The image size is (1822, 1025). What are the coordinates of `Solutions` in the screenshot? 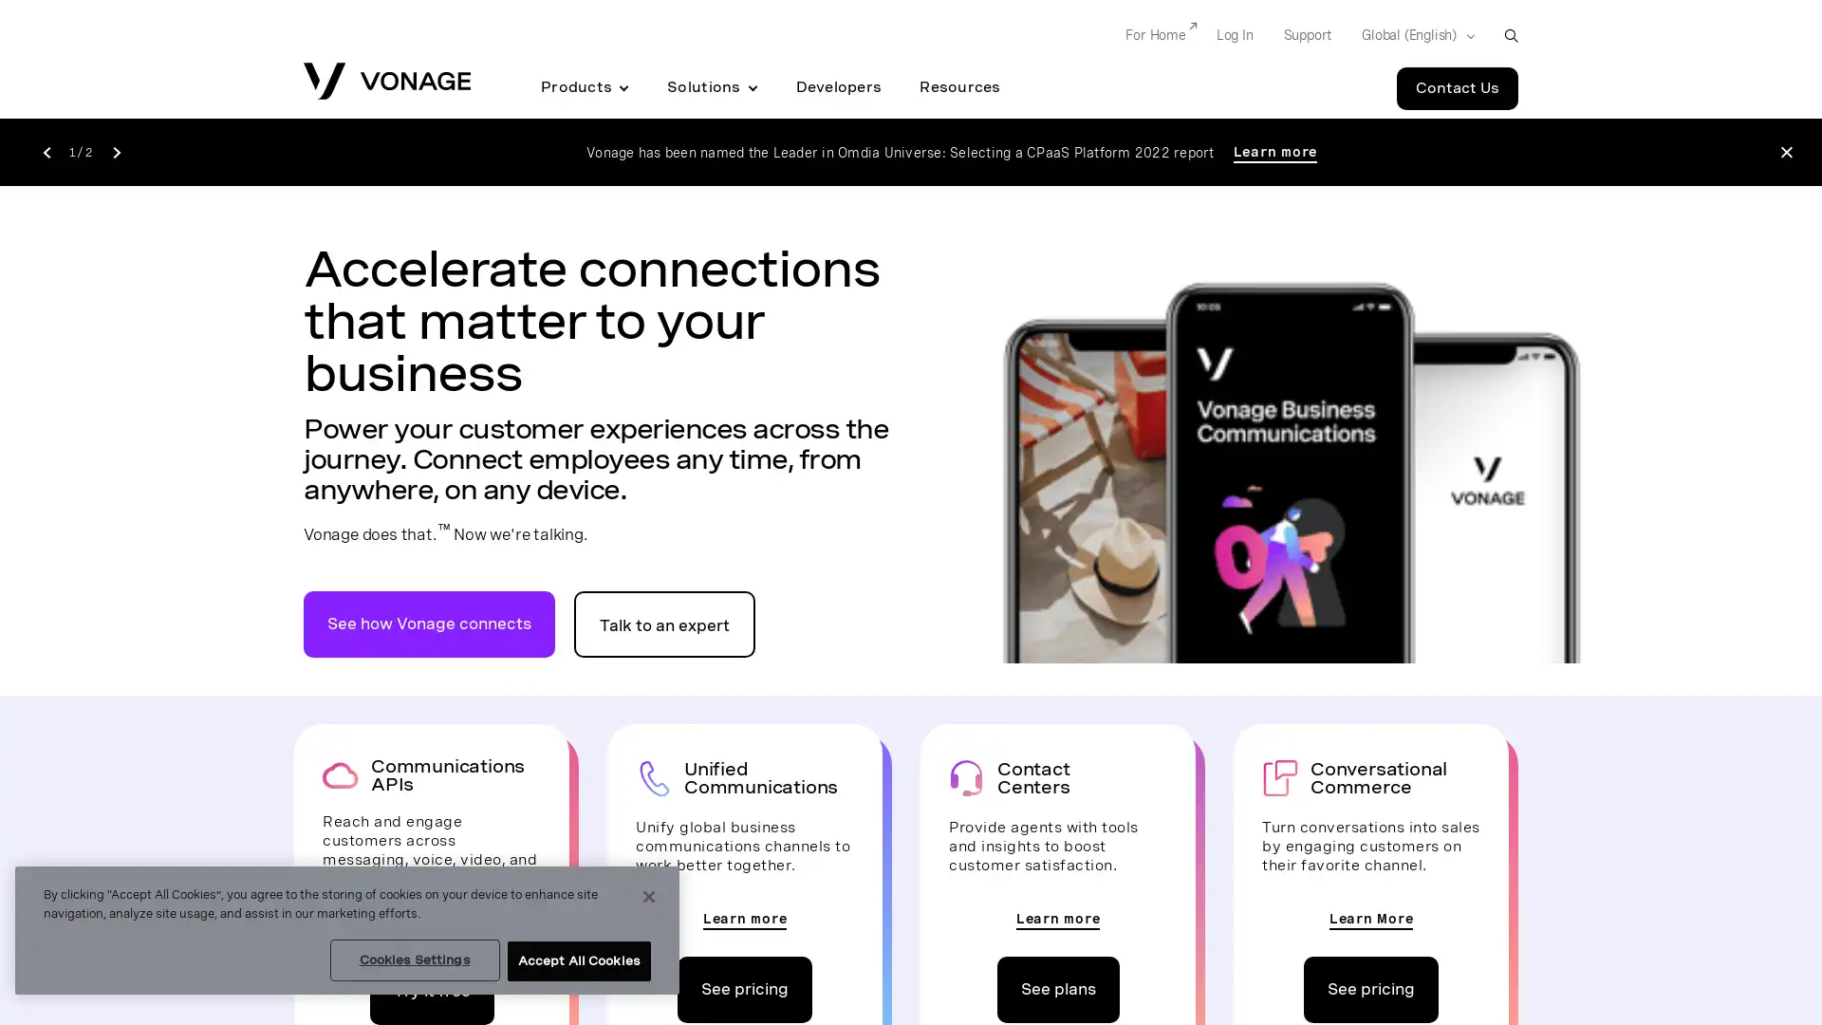 It's located at (711, 87).